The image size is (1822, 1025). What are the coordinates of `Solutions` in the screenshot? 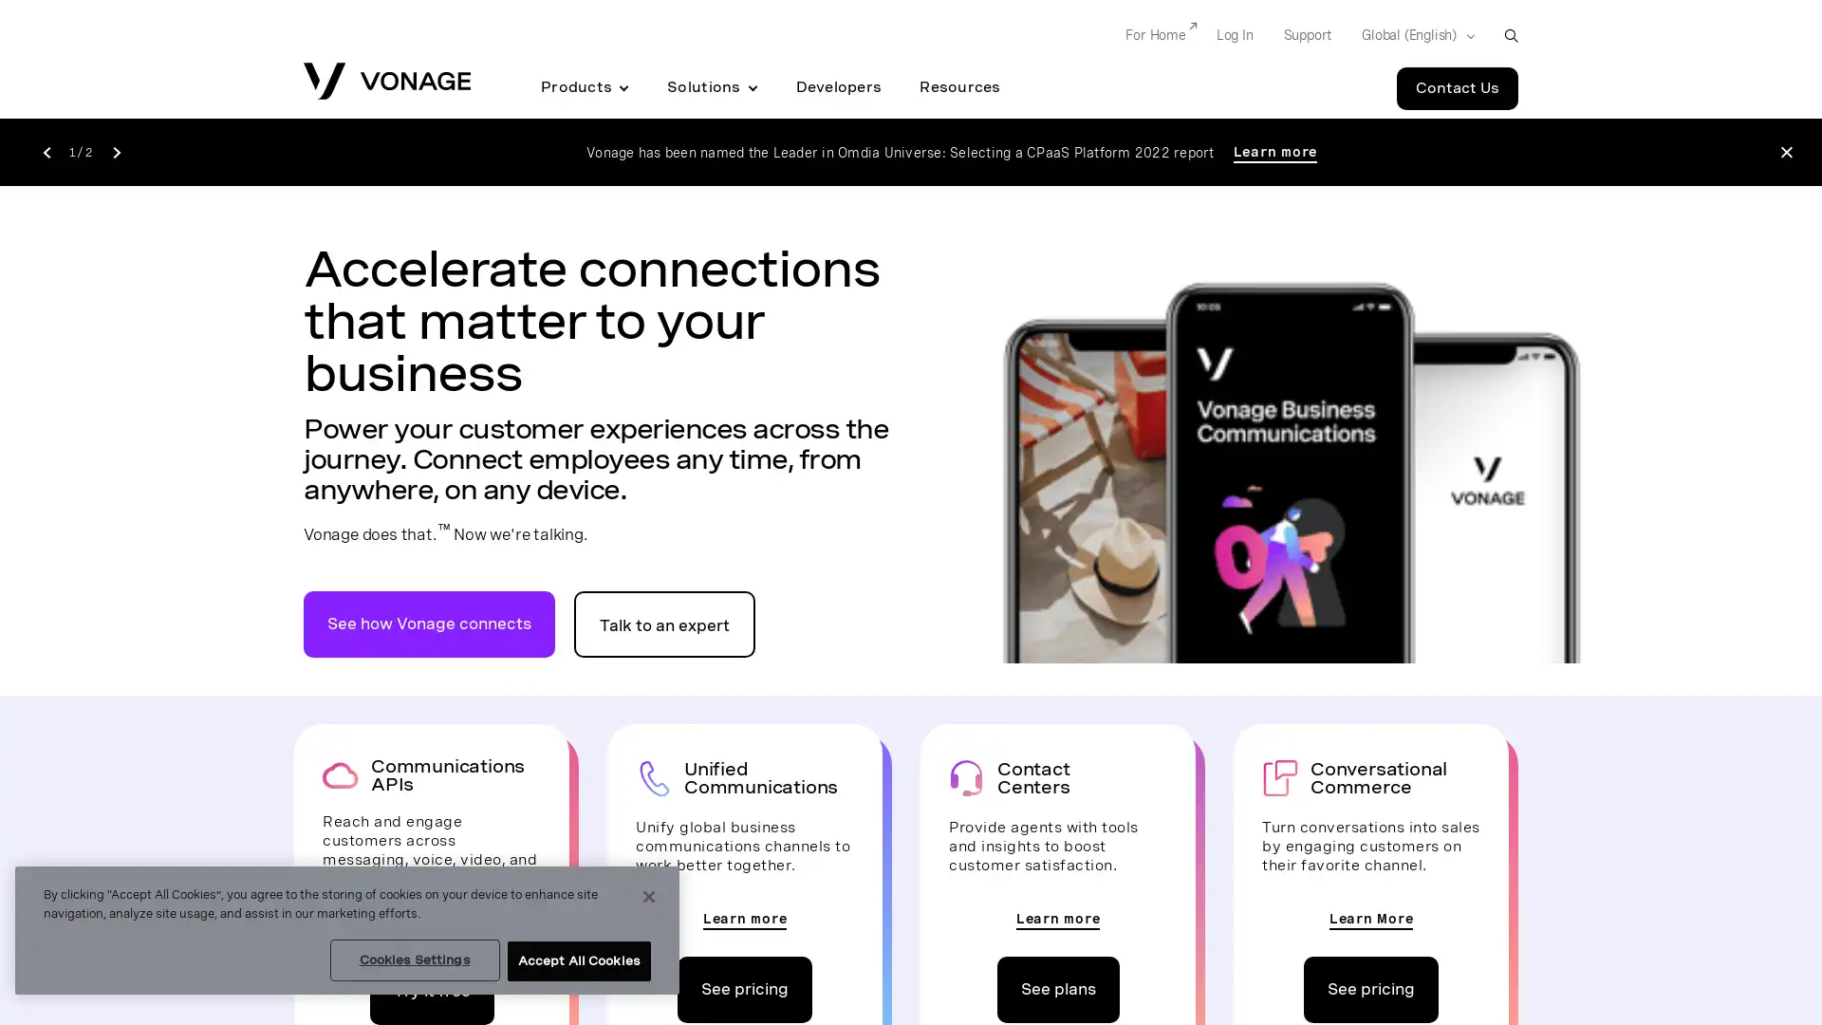 It's located at (711, 87).